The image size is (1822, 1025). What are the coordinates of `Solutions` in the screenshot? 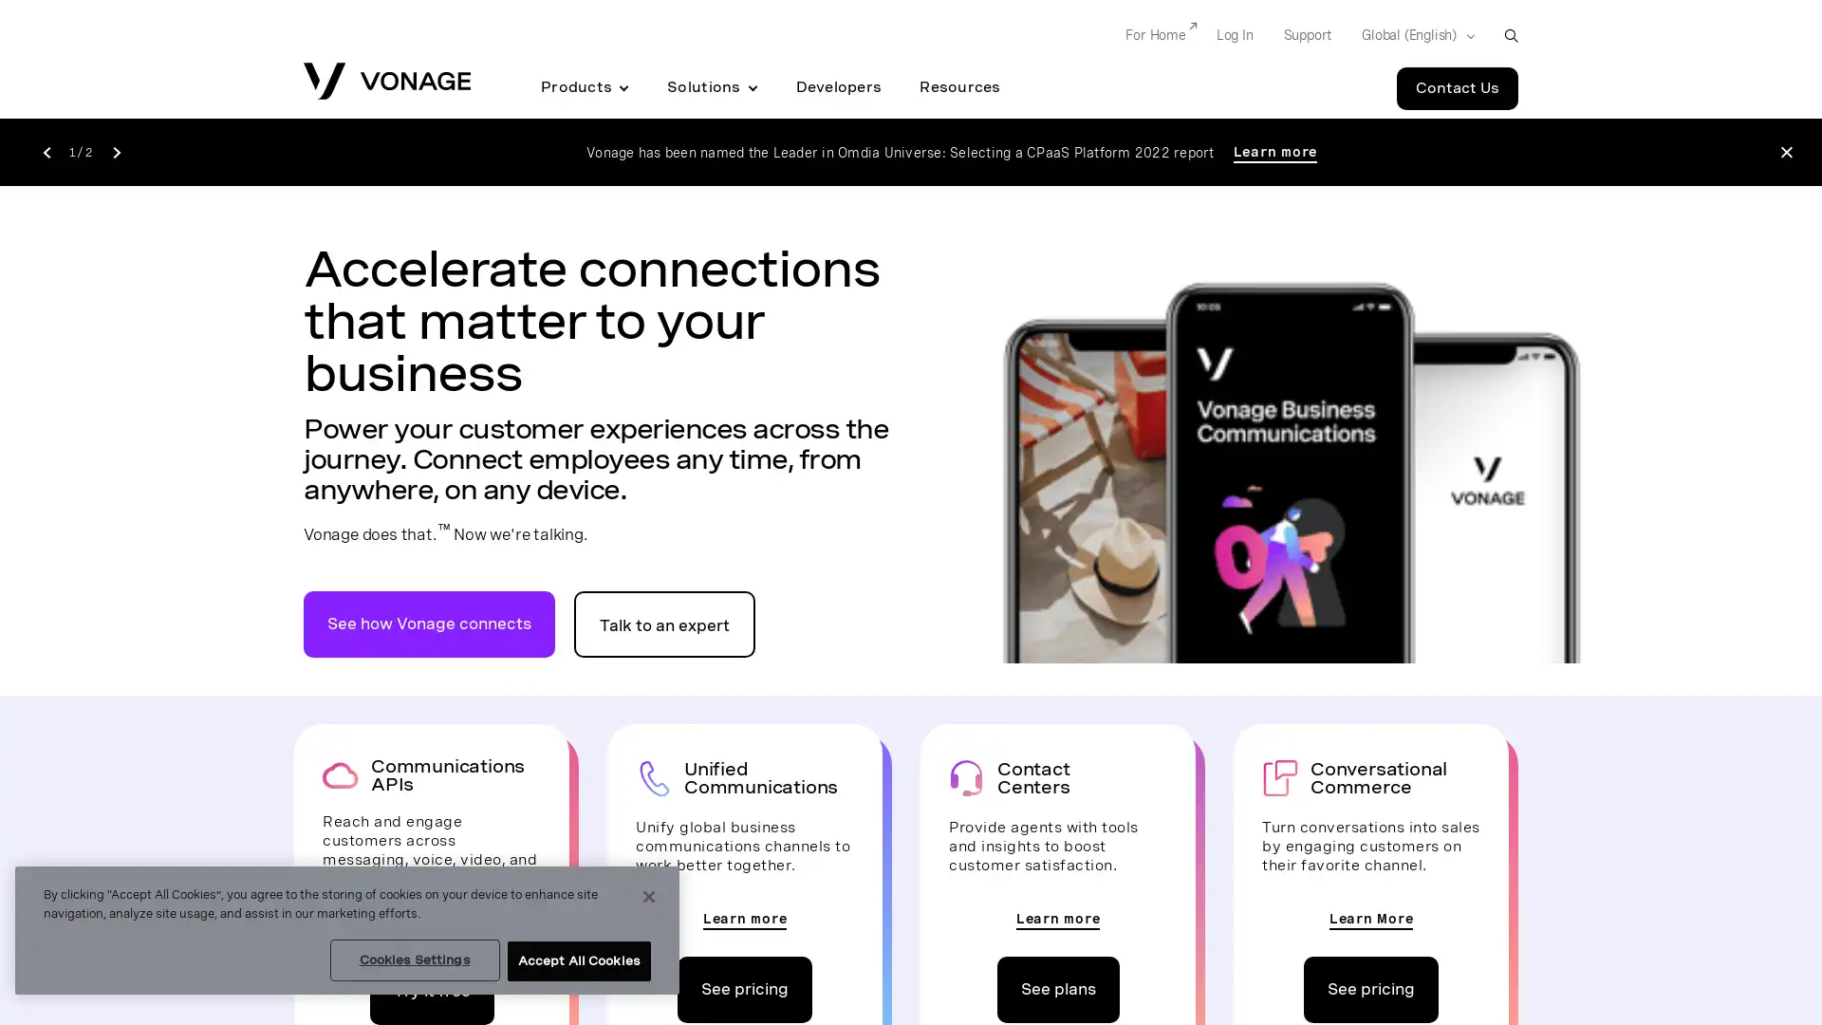 It's located at (711, 87).